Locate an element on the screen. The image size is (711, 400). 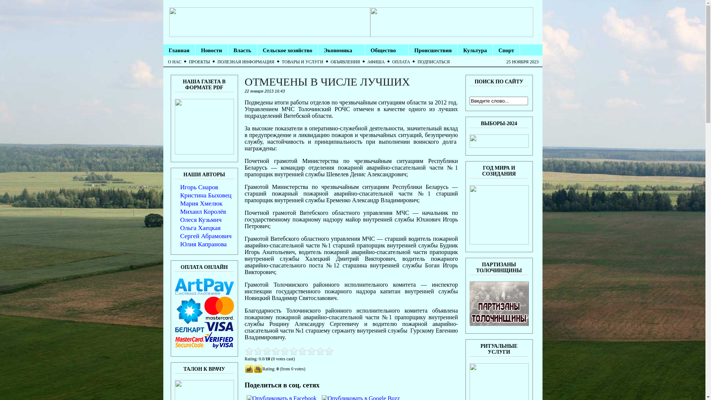
'3 / 10' is located at coordinates (258, 351).